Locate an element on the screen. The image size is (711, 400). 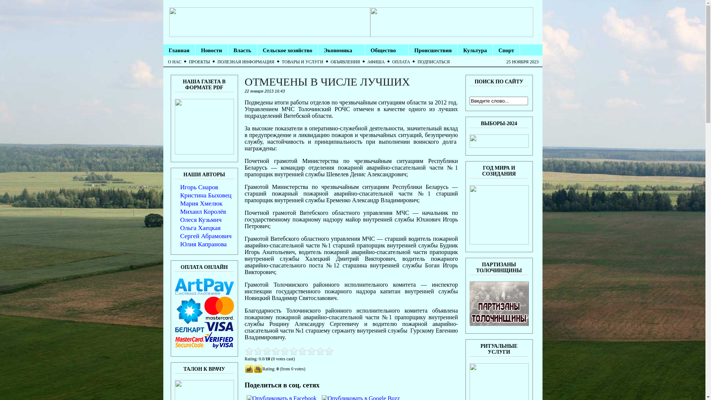
'3 / 10' is located at coordinates (258, 351).